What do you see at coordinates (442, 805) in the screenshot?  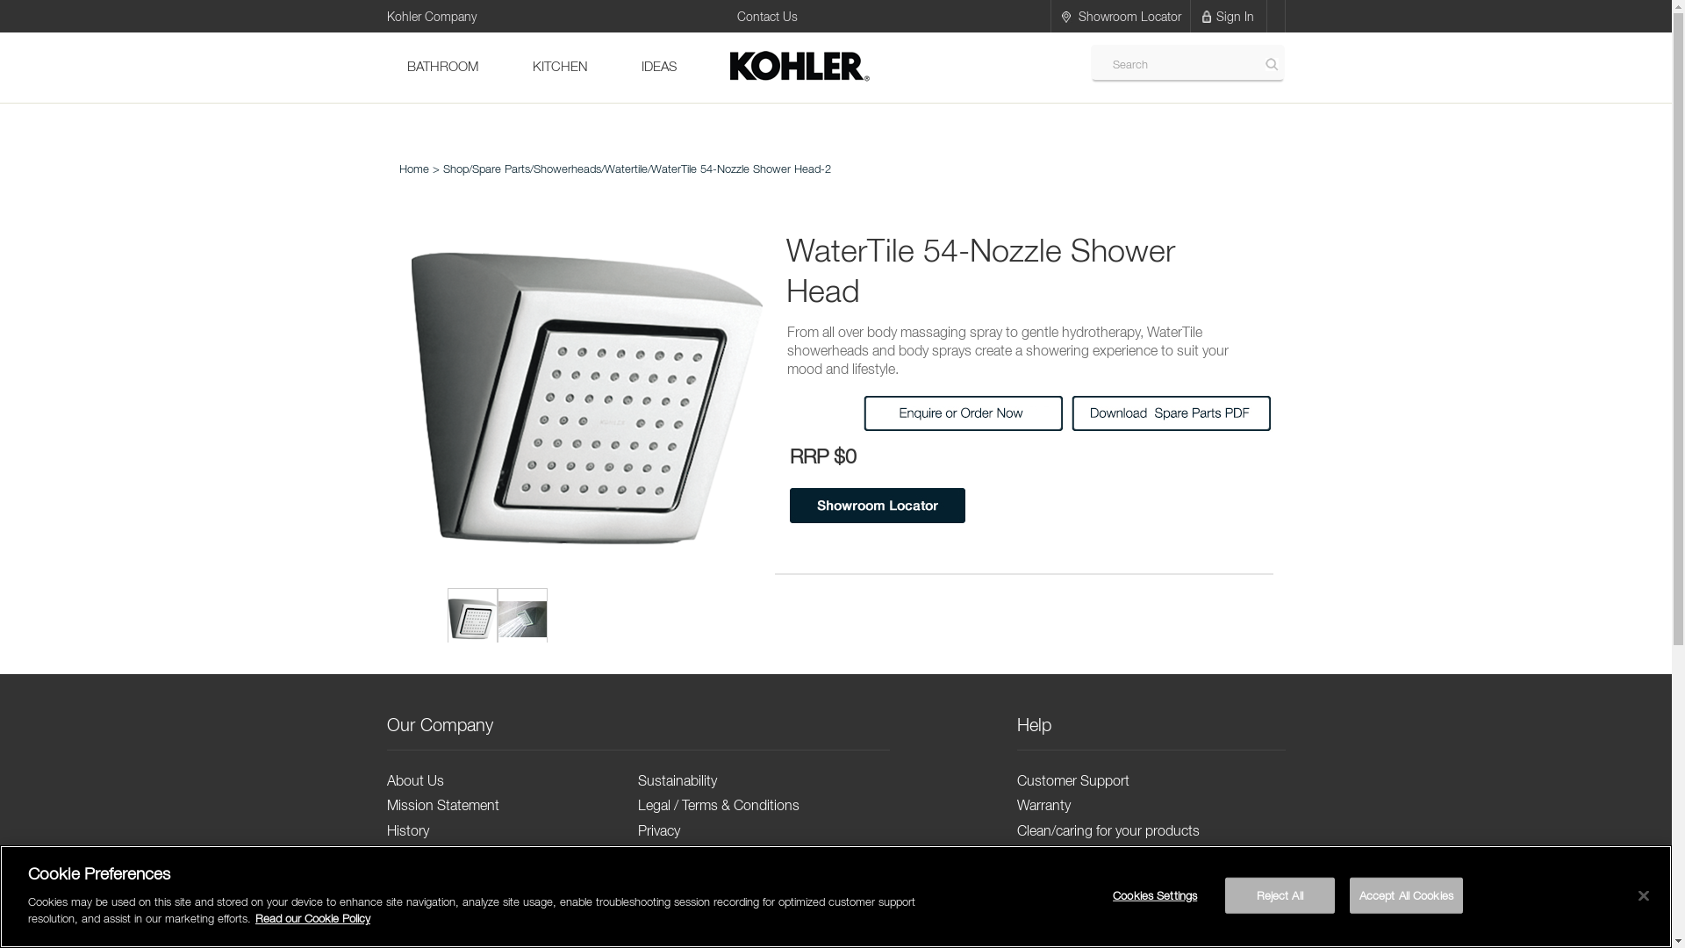 I see `'Mission Statement'` at bounding box center [442, 805].